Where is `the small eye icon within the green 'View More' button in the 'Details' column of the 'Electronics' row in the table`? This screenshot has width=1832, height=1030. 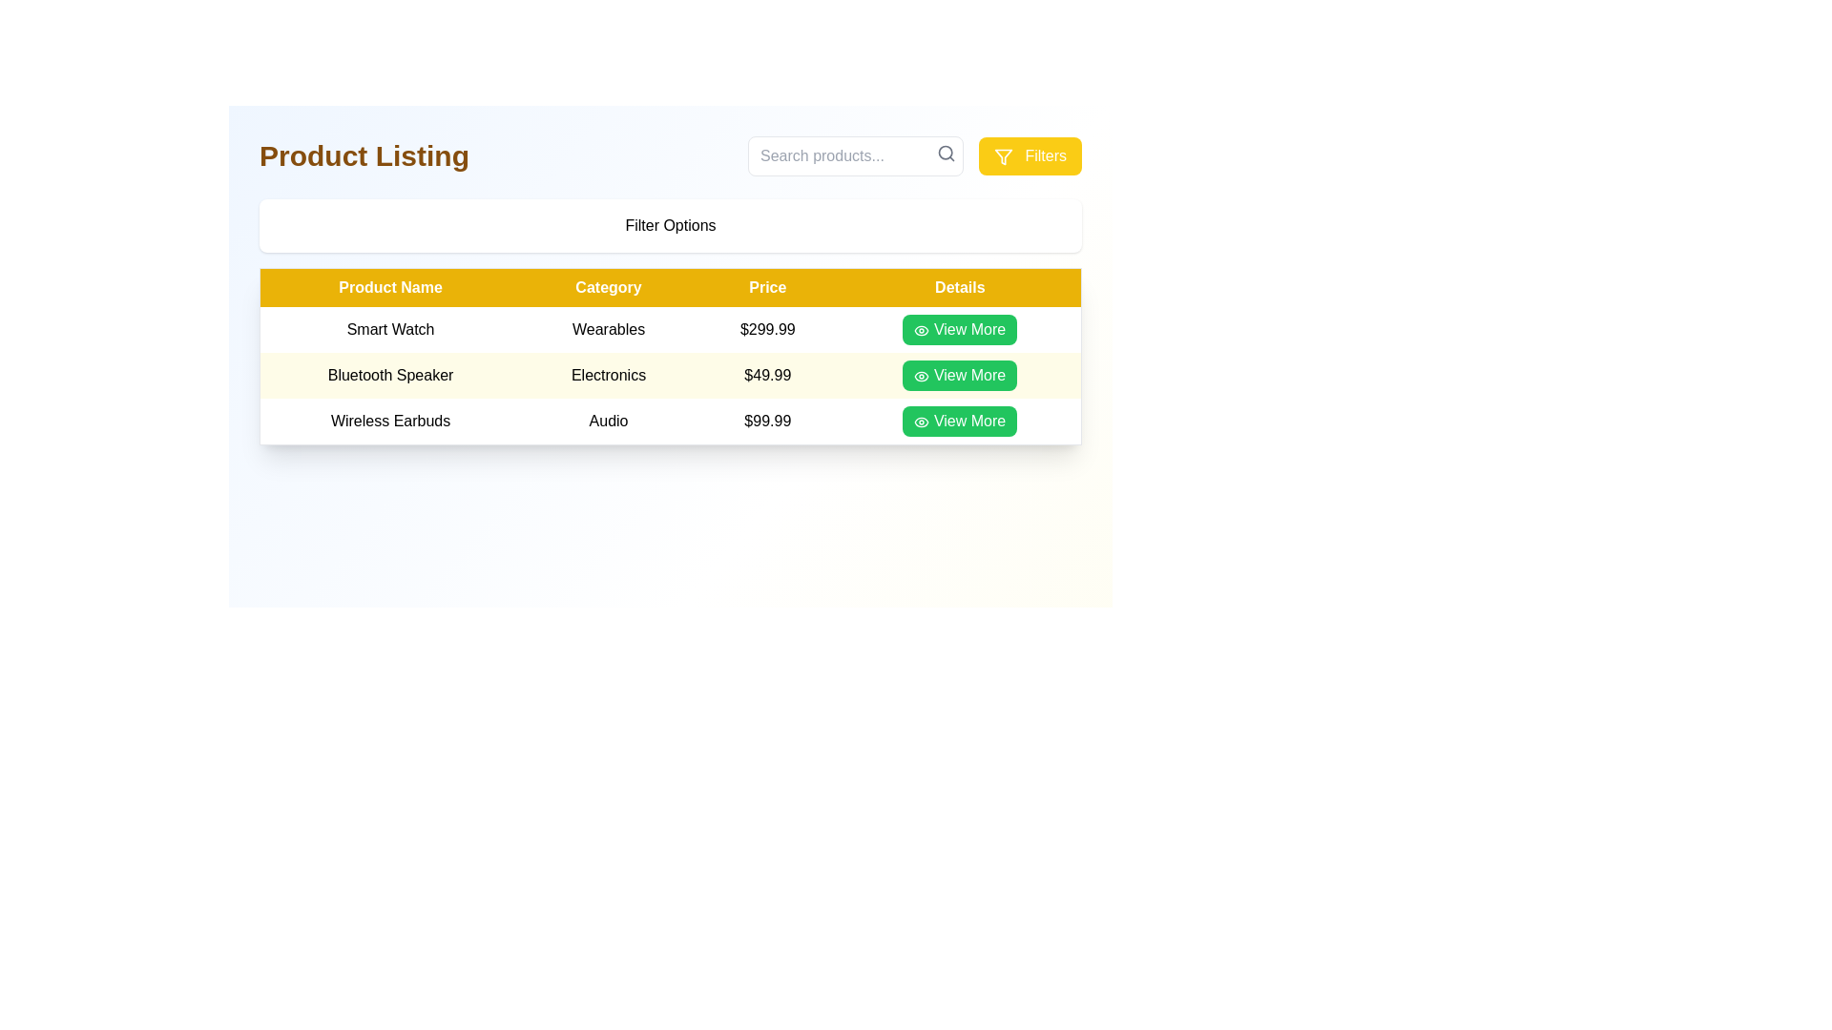
the small eye icon within the green 'View More' button in the 'Details' column of the 'Electronics' row in the table is located at coordinates (922, 376).